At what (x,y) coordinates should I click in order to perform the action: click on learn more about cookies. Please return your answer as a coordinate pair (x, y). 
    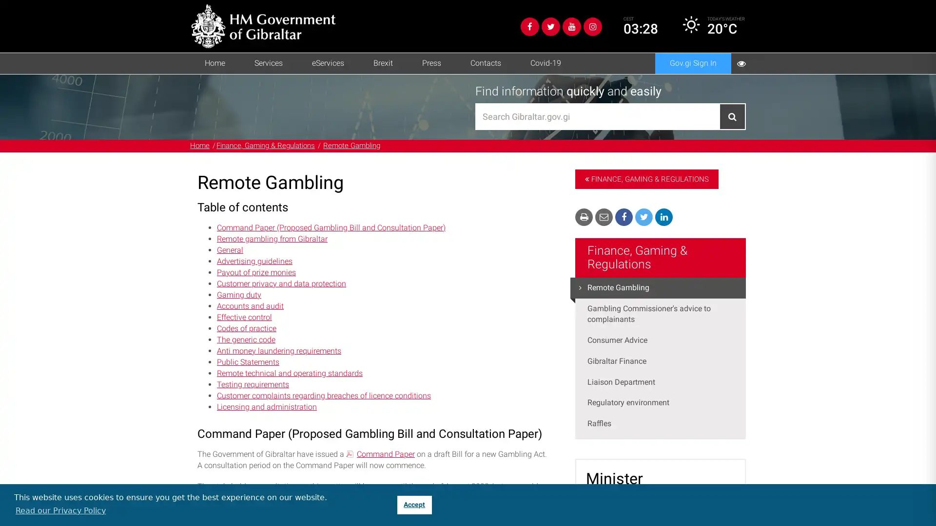
    Looking at the image, I should click on (60, 510).